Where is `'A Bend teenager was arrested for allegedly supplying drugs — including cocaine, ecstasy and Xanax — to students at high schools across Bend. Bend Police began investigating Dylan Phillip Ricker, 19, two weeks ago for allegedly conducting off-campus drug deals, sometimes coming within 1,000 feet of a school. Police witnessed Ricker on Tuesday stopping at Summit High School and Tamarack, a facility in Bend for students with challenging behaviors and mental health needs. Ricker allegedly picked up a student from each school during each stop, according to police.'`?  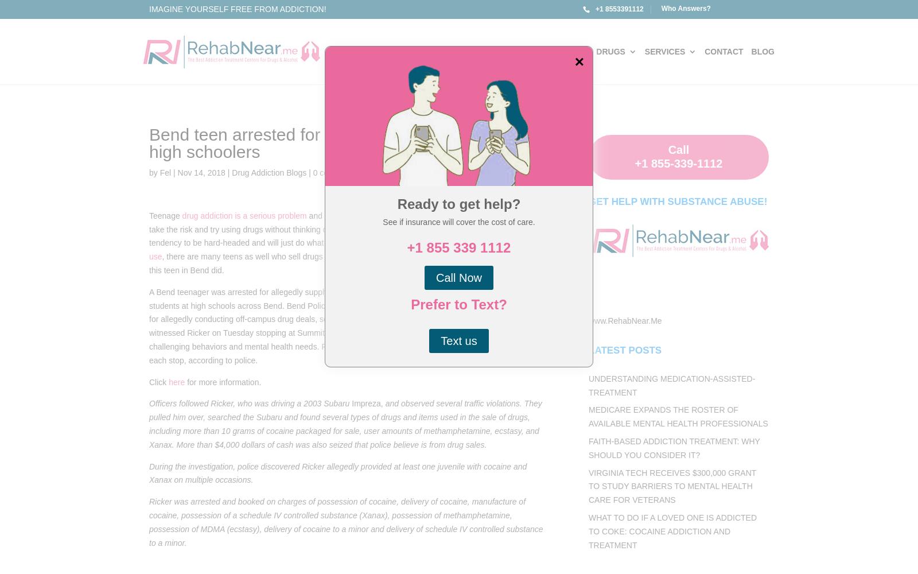
'A Bend teenager was arrested for allegedly supplying drugs — including cocaine, ecstasy and Xanax — to students at high schools across Bend. Bend Police began investigating Dylan Phillip Ricker, 19, two weeks ago for allegedly conducting off-campus drug deals, sometimes coming within 1,000 feet of a school. Police witnessed Ricker on Tuesday stopping at Summit High School and Tamarack, a facility in Bend for students with challenging behaviors and mental health needs. Ricker allegedly picked up a student from each school during each stop, according to police.' is located at coordinates (347, 325).